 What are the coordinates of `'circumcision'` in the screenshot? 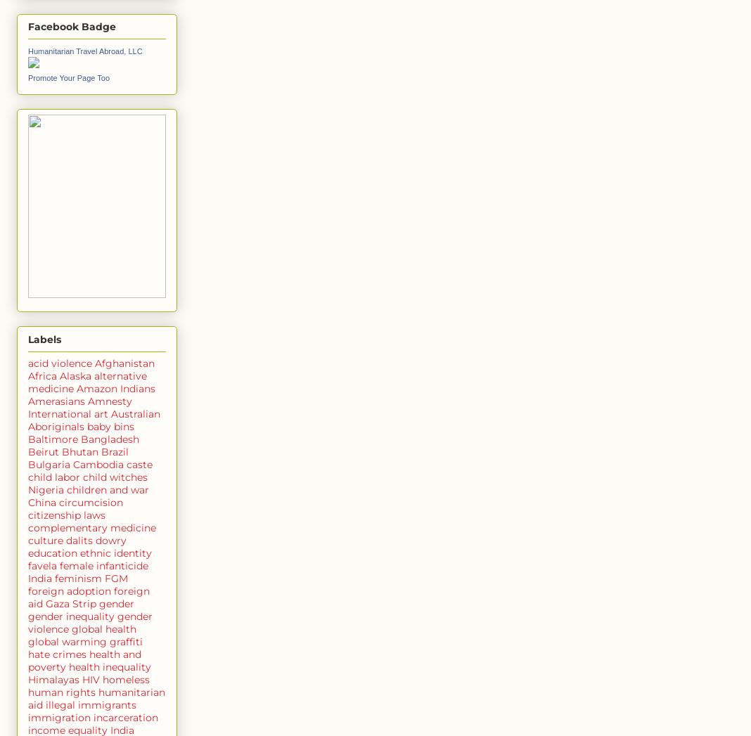 It's located at (90, 501).